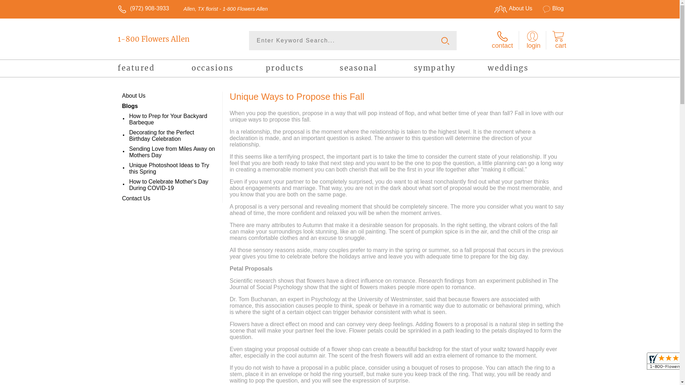 The height and width of the screenshot is (385, 685). Describe the element at coordinates (509, 8) in the screenshot. I see `'About Us'` at that location.